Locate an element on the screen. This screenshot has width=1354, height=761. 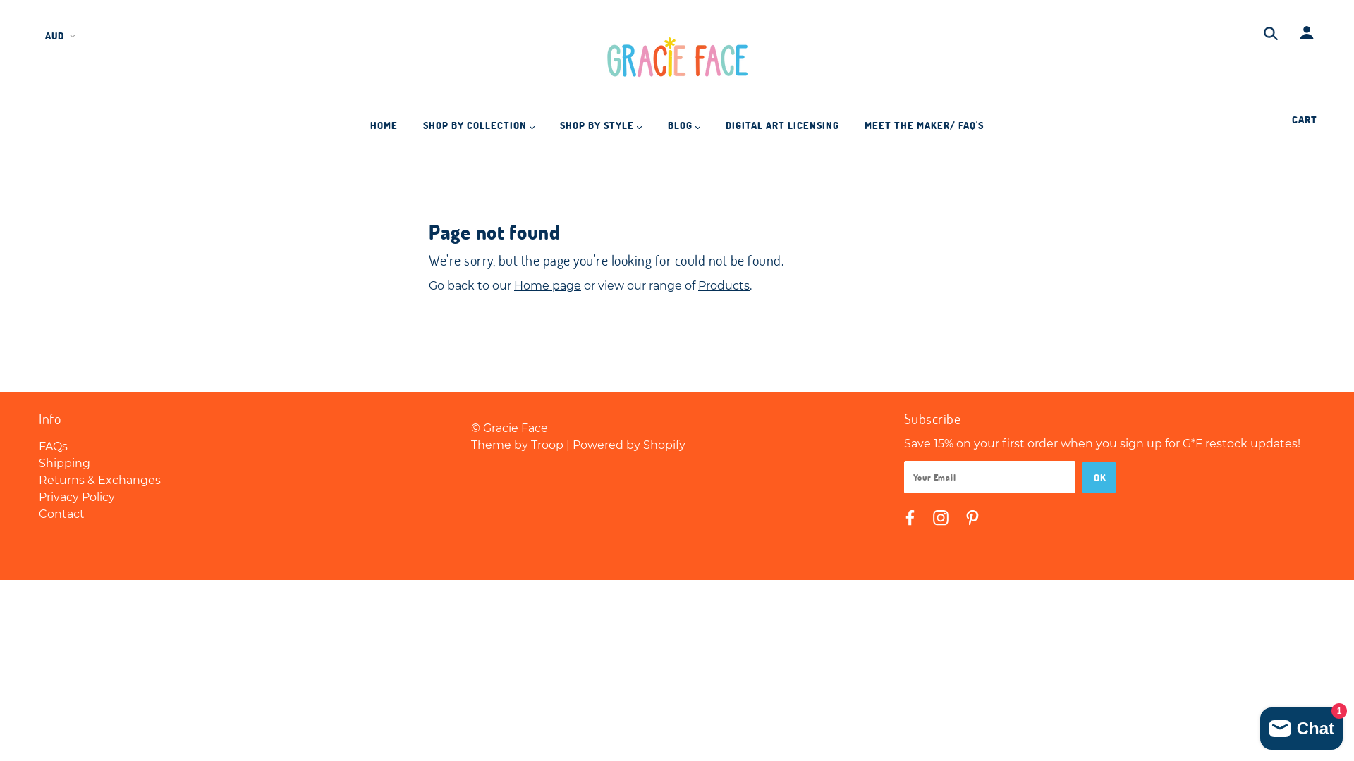
'BLOG' is located at coordinates (683, 130).